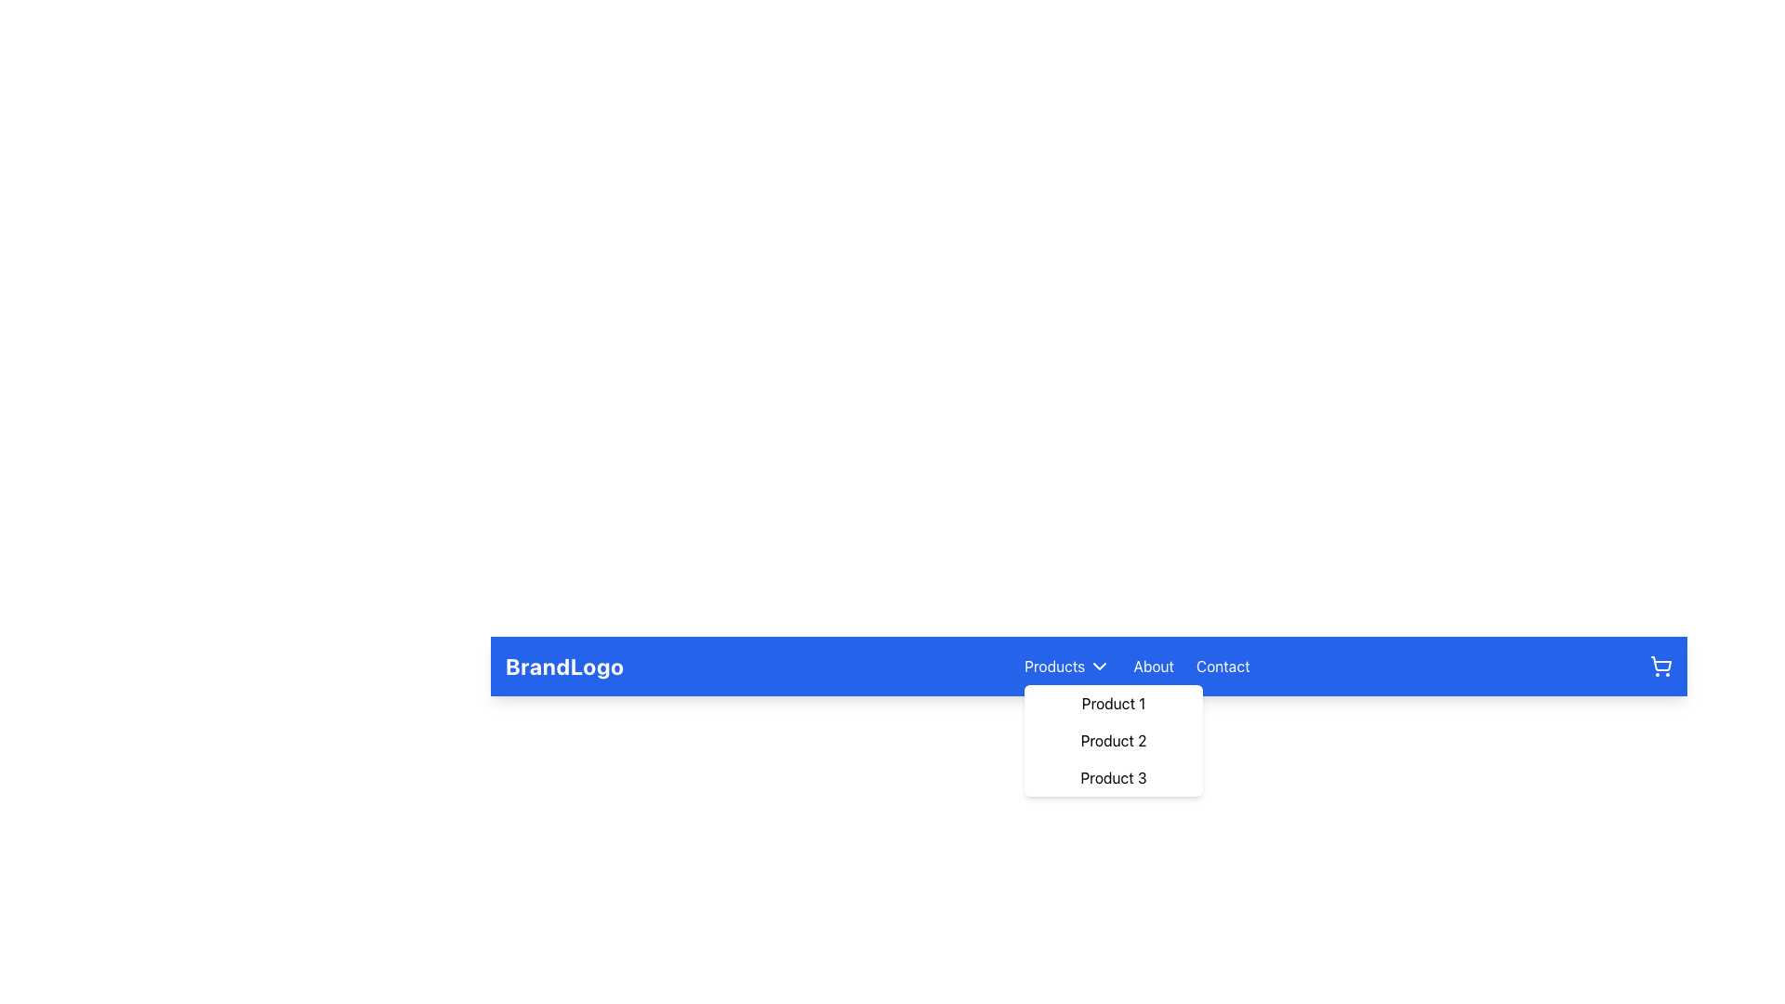 This screenshot has width=1785, height=1004. Describe the element at coordinates (1114, 703) in the screenshot. I see `the first menu item` at that location.